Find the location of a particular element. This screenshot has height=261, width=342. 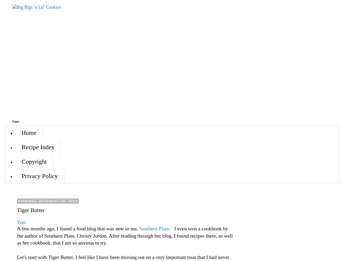

'A few months ago, I found a food blog that was new to me,' is located at coordinates (78, 228).